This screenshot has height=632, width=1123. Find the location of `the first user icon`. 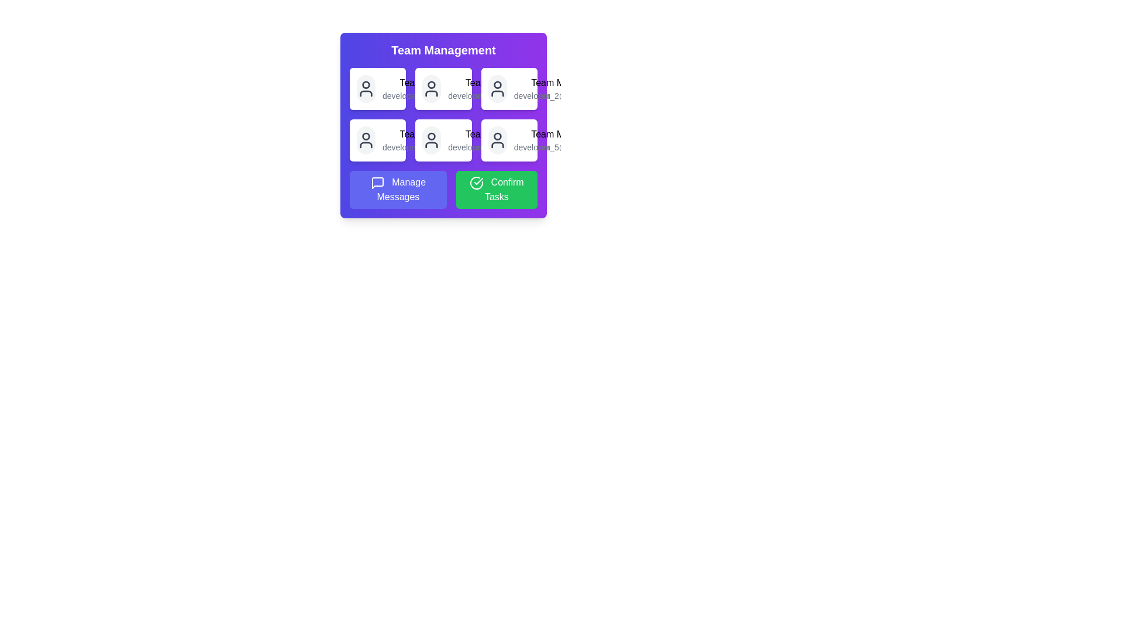

the first user icon is located at coordinates (365, 88).